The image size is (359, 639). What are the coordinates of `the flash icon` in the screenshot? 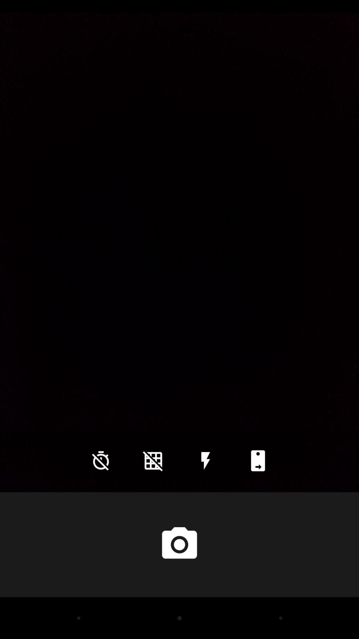 It's located at (205, 460).